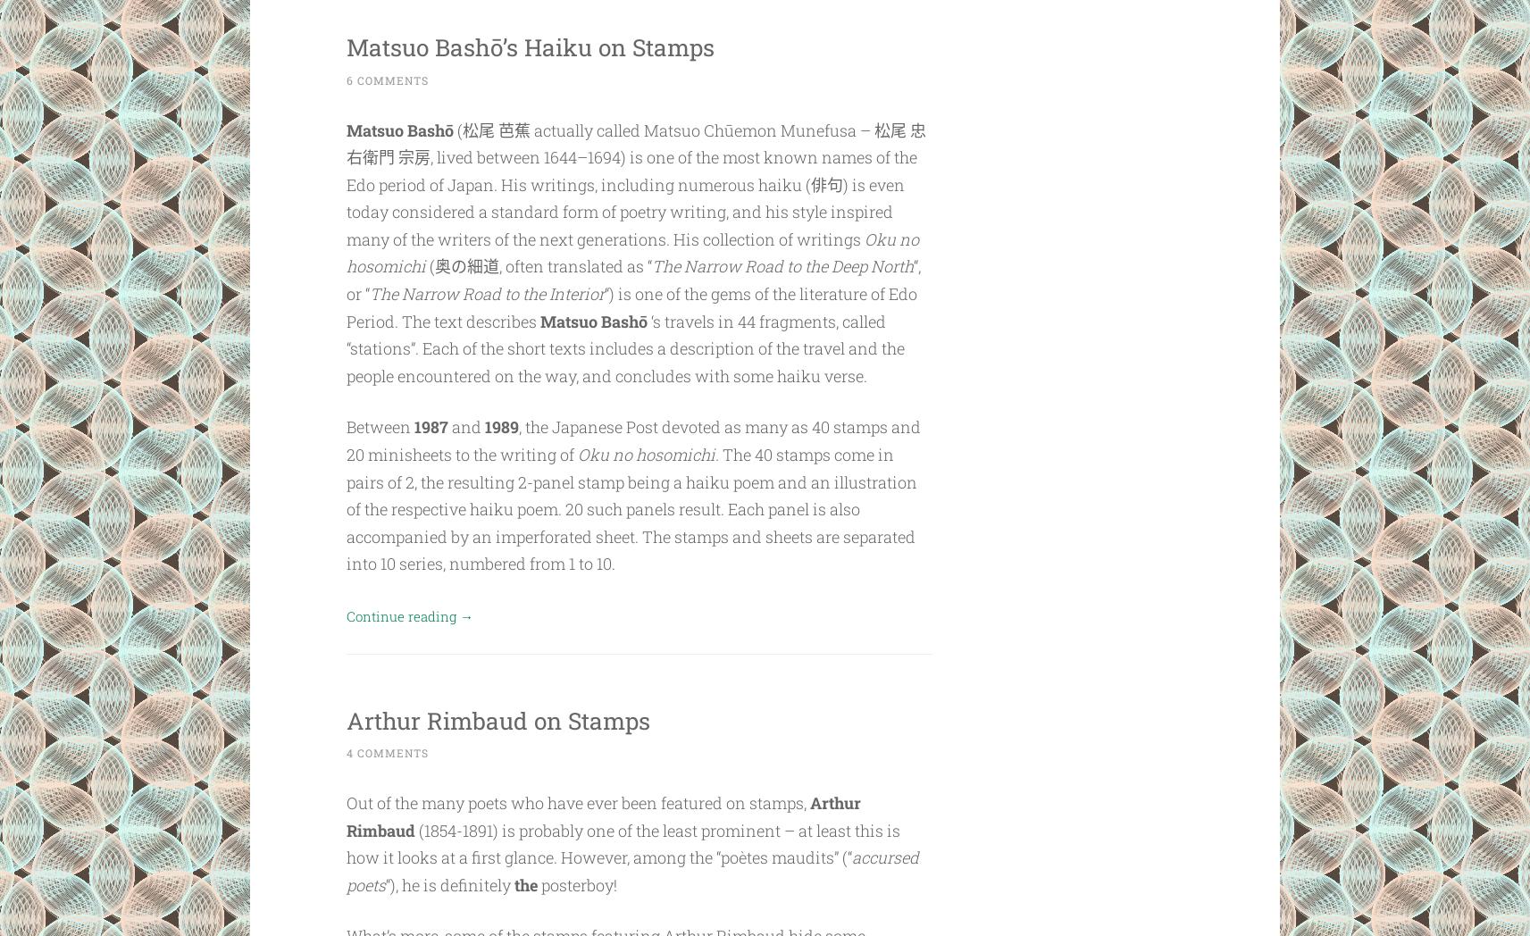 This screenshot has height=936, width=1530. Describe the element at coordinates (649, 455) in the screenshot. I see `'Oku no hosomichi.'` at that location.